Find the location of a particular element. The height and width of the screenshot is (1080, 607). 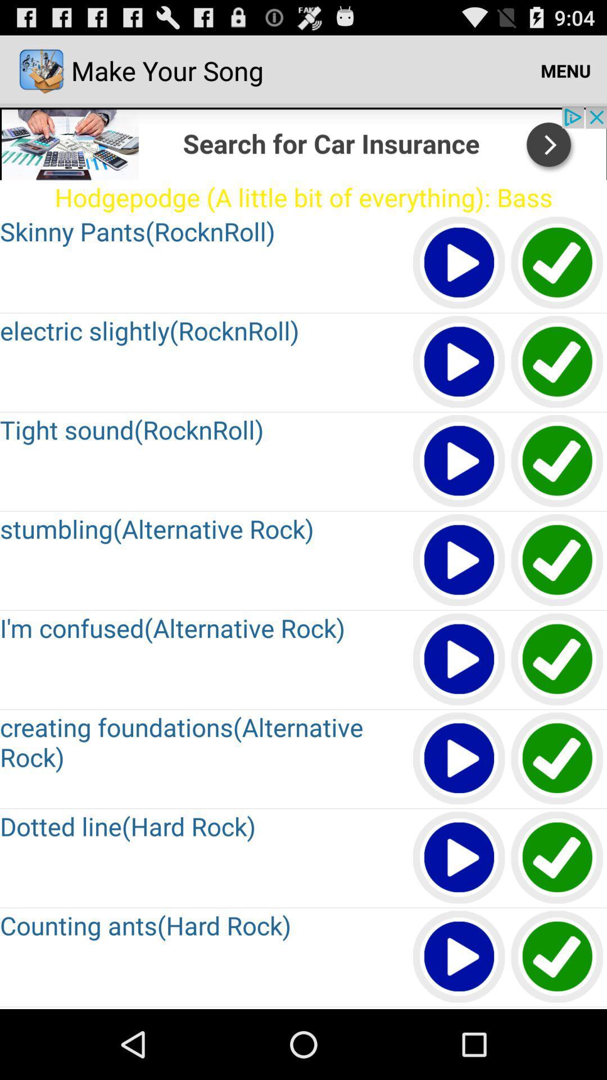

shows right click icon is located at coordinates (558, 263).